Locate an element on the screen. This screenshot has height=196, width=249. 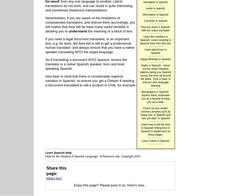
'Check out any simple, common phrases such as 'thank you' in Spanish and 'see you later' in Spanish' is located at coordinates (155, 113).